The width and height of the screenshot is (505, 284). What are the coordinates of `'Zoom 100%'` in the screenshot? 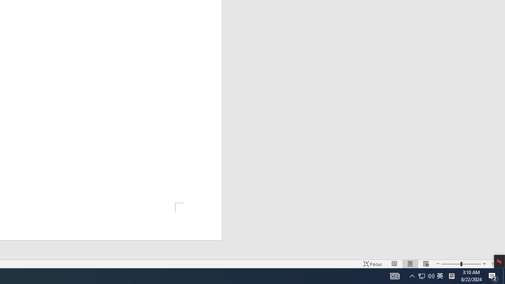 It's located at (496, 264).